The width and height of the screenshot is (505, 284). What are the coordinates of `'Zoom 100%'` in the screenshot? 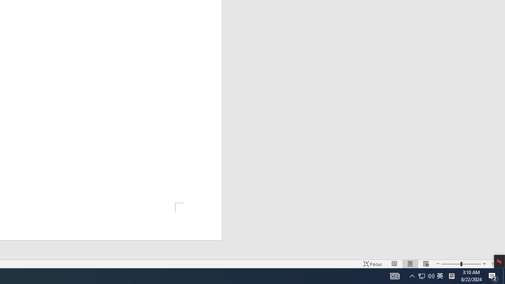 It's located at (496, 264).